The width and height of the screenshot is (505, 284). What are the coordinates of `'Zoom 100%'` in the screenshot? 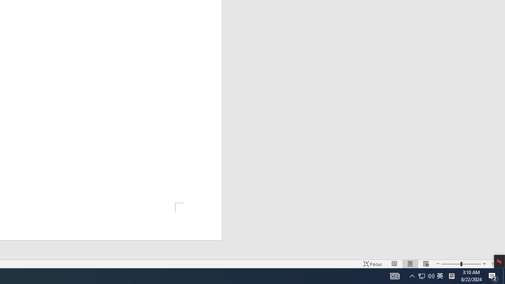 It's located at (496, 264).